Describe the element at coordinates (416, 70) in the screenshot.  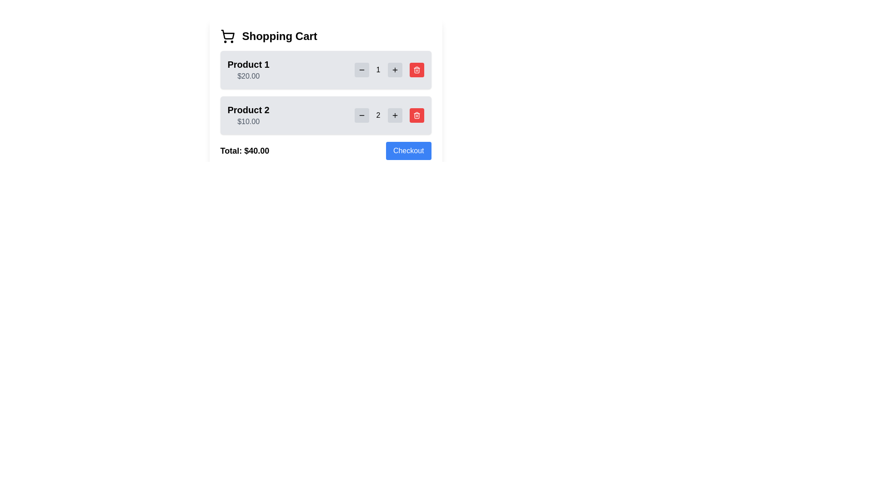
I see `the delete icon button for the second product in the shopping cart` at that location.